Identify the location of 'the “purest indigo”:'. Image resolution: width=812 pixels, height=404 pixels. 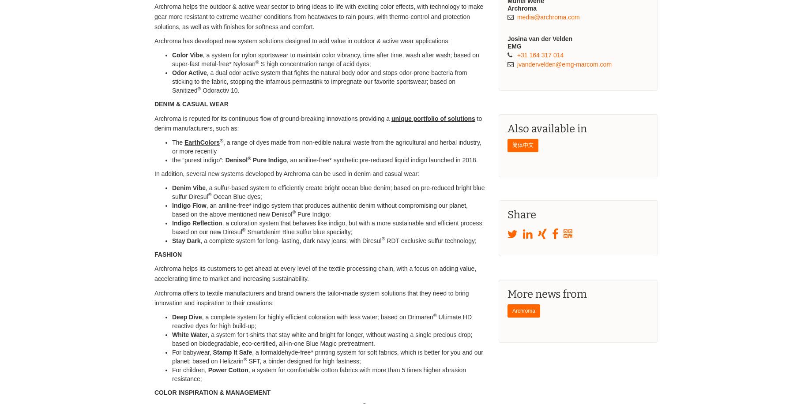
(198, 160).